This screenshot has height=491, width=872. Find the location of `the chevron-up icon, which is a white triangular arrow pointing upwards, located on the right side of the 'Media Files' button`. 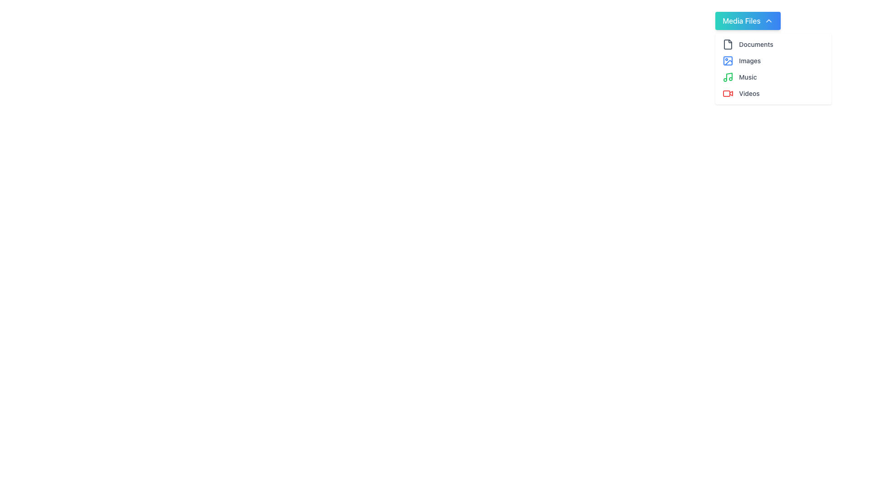

the chevron-up icon, which is a white triangular arrow pointing upwards, located on the right side of the 'Media Files' button is located at coordinates (768, 20).